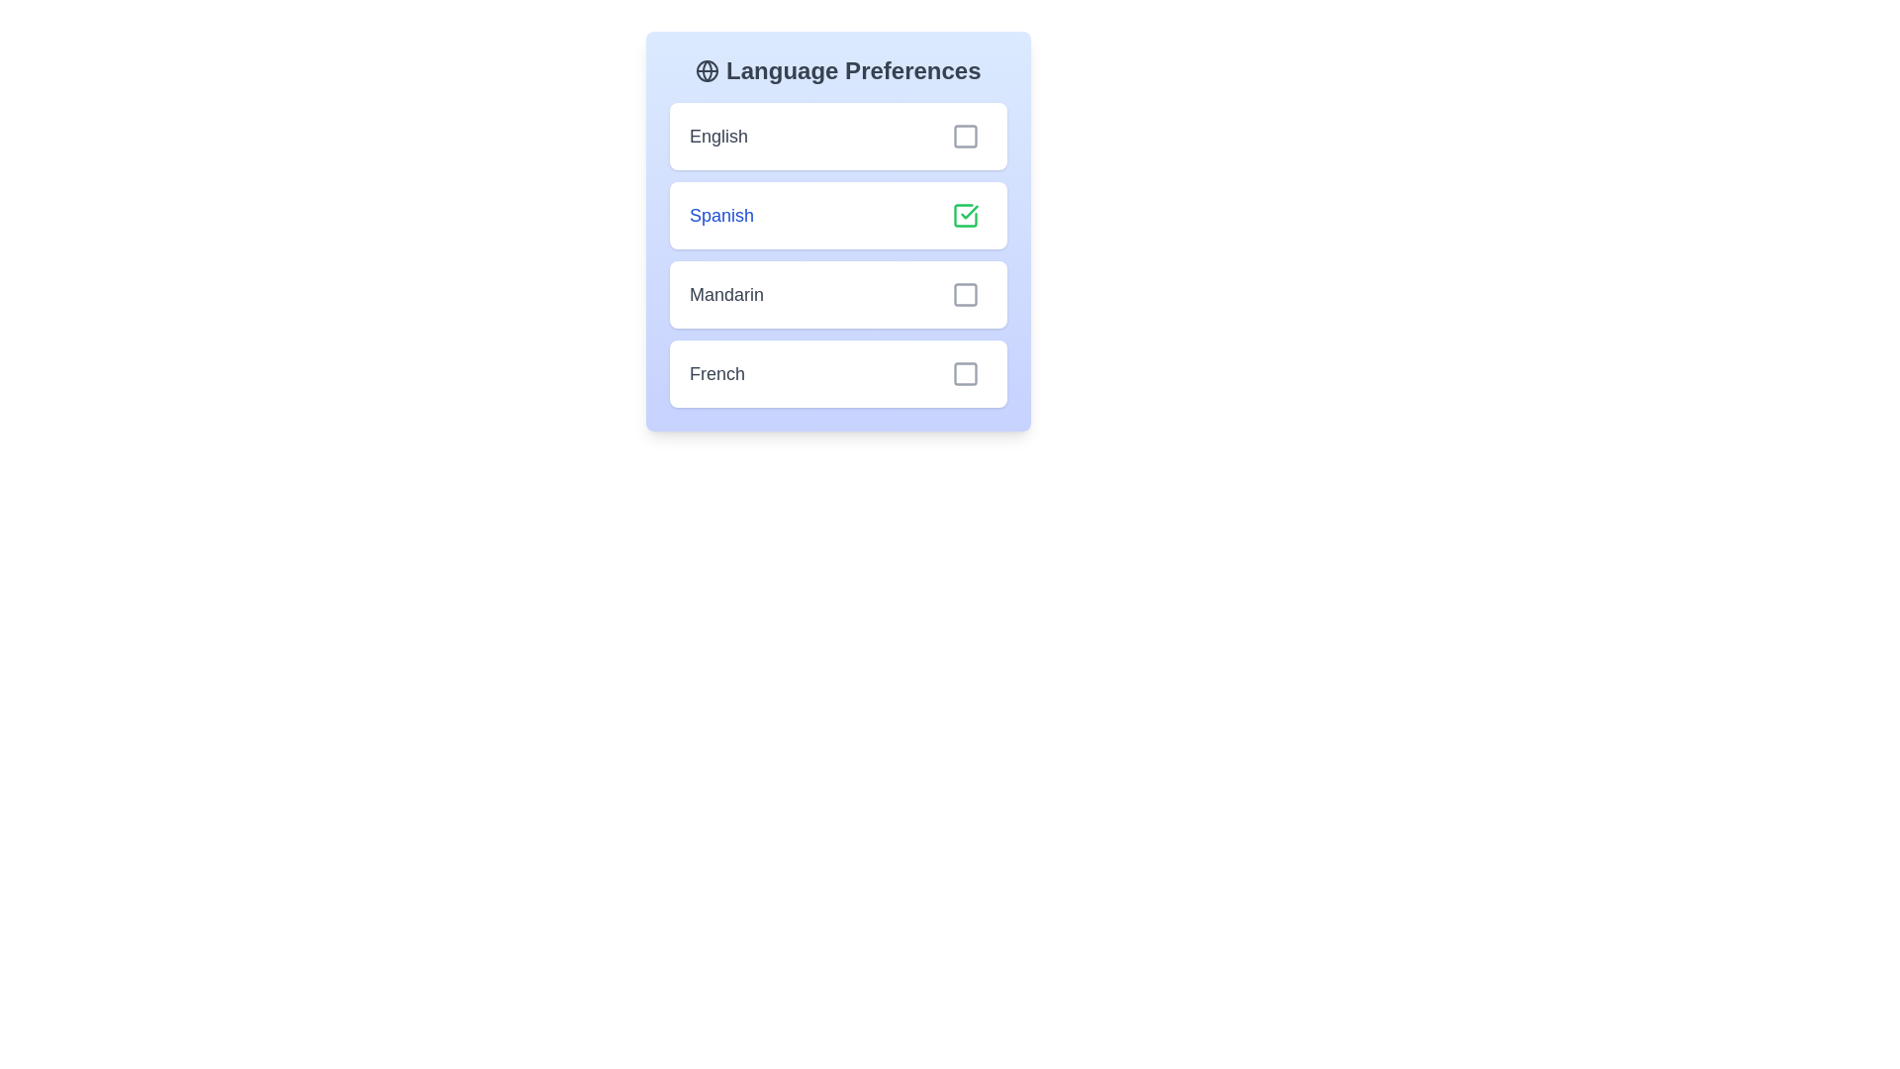  I want to click on the inactive checkbox at the upper-right corner of the 'English' option in the language preferences list, so click(965, 136).